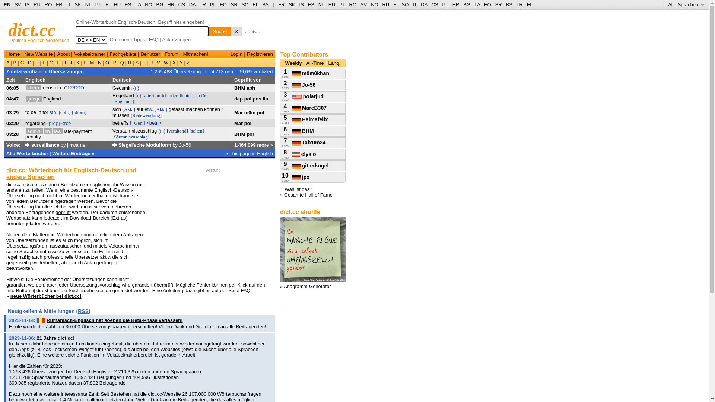  I want to click on 'LA', so click(477, 4).